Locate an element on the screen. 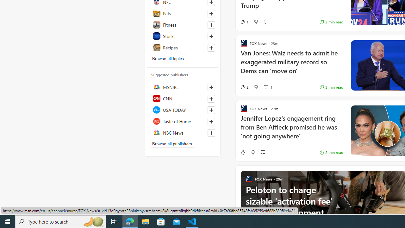  'Fitness' is located at coordinates (182, 24).